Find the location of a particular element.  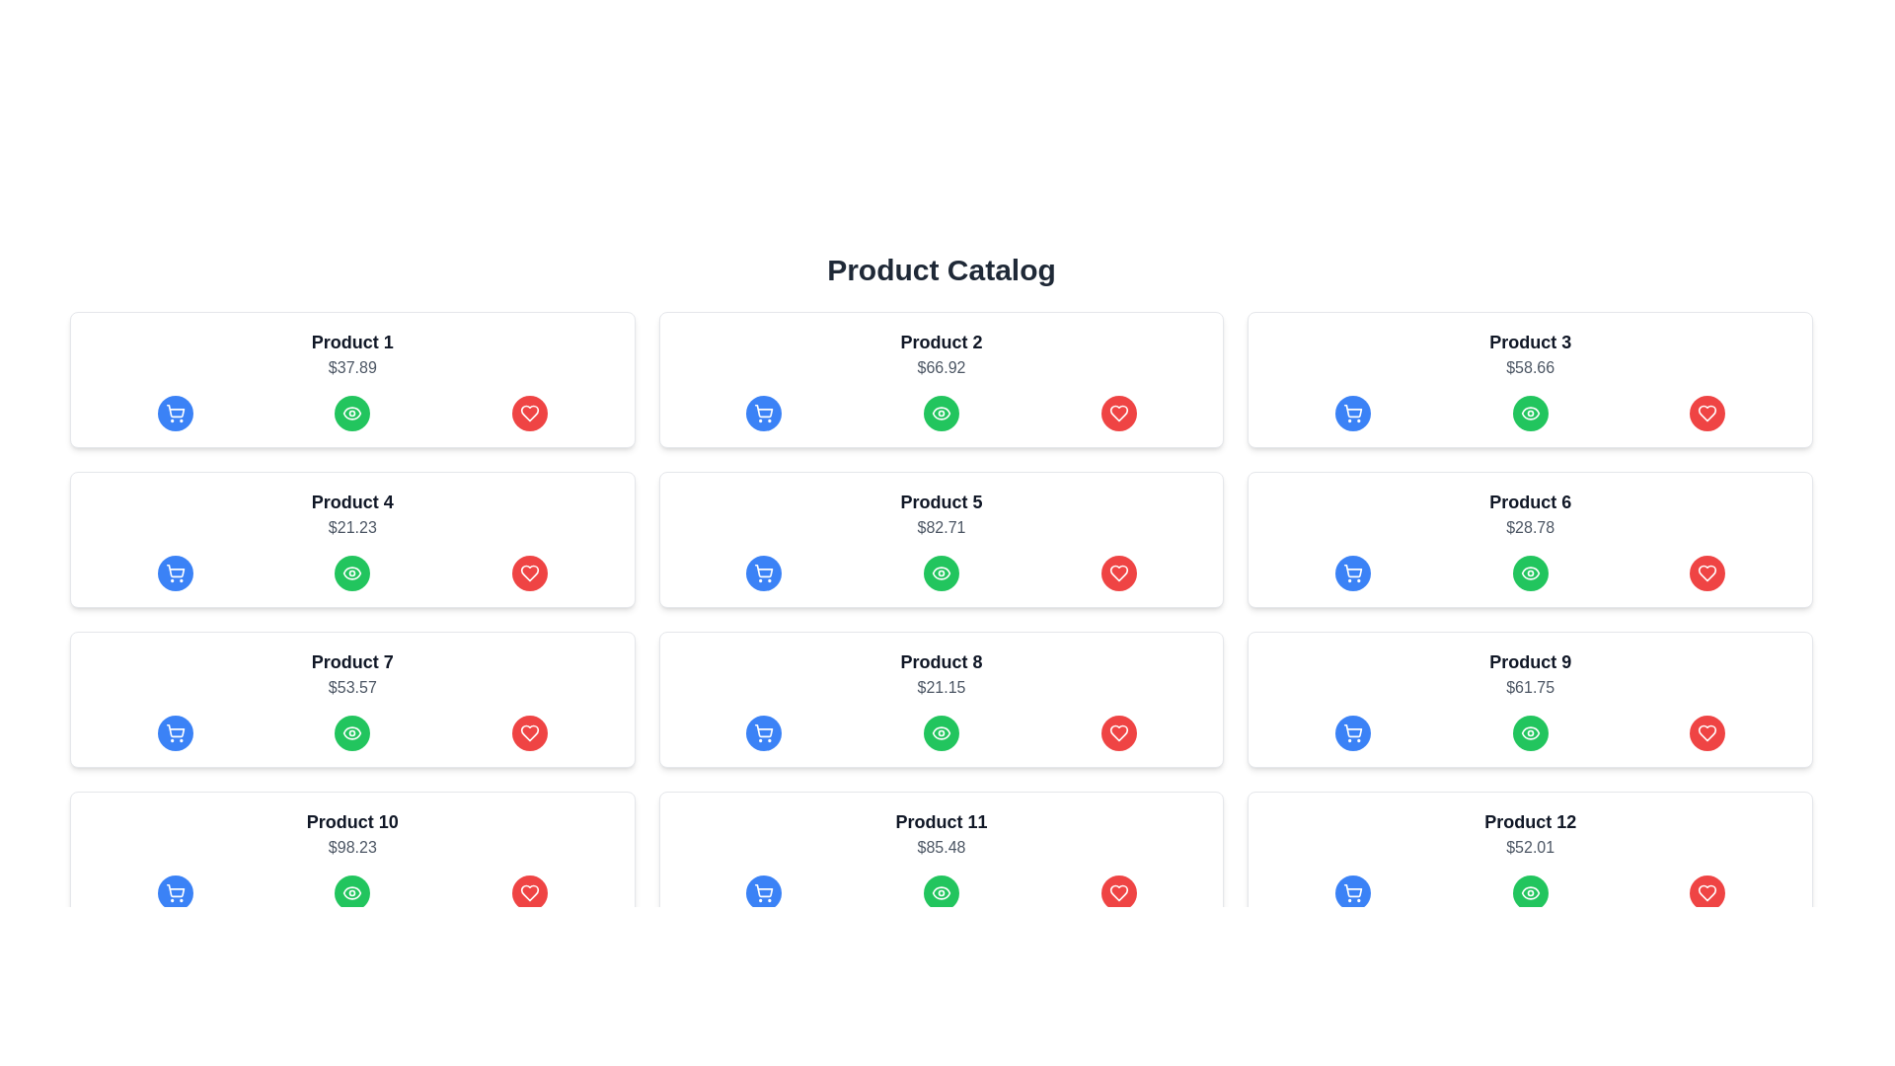

the shopping cart icon styled as an outline in a circular blue button located in the bottom right card of the product grid for 'Product 11' is located at coordinates (763, 893).